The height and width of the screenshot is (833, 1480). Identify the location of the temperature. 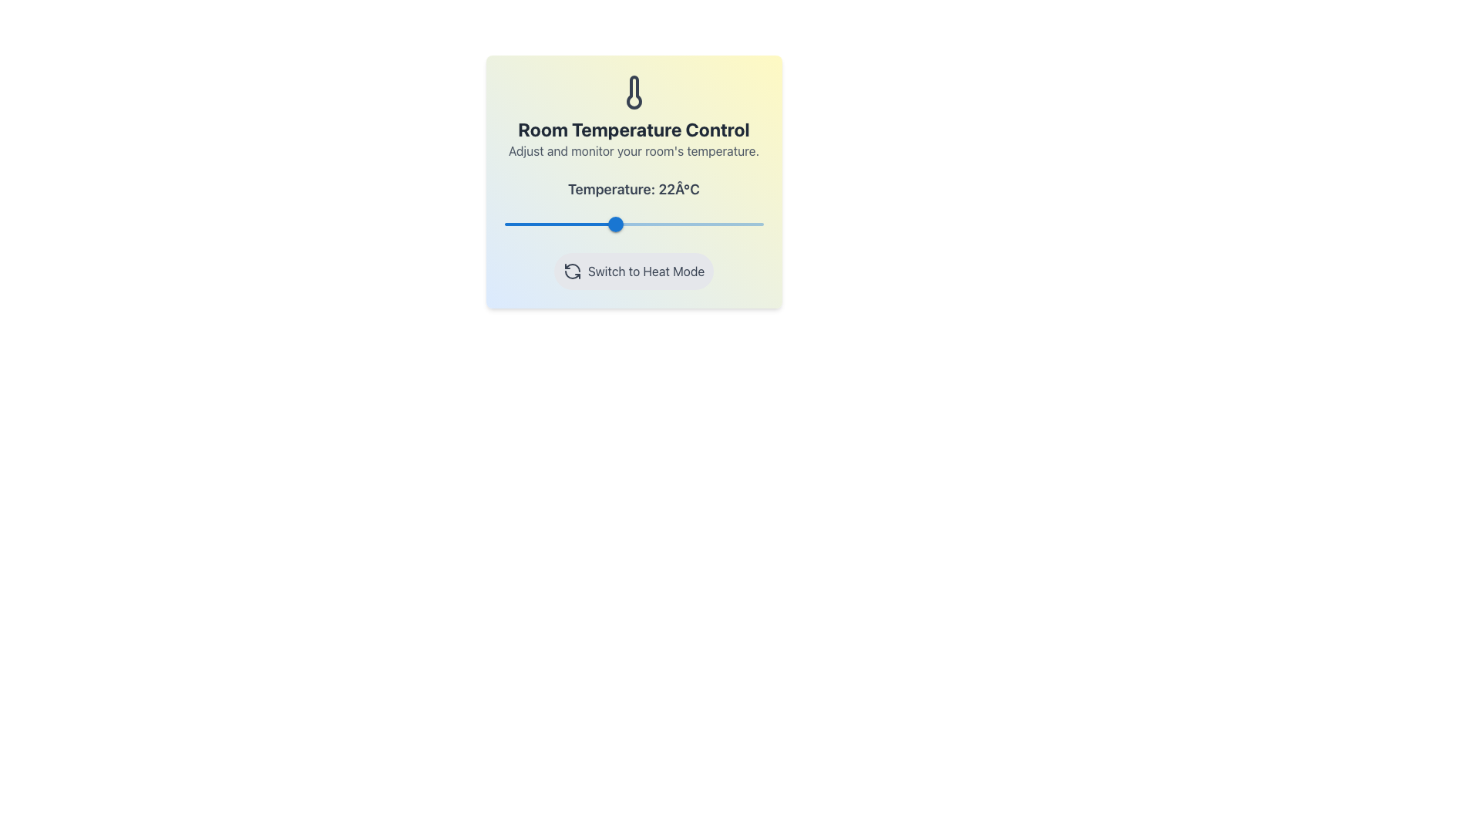
(724, 224).